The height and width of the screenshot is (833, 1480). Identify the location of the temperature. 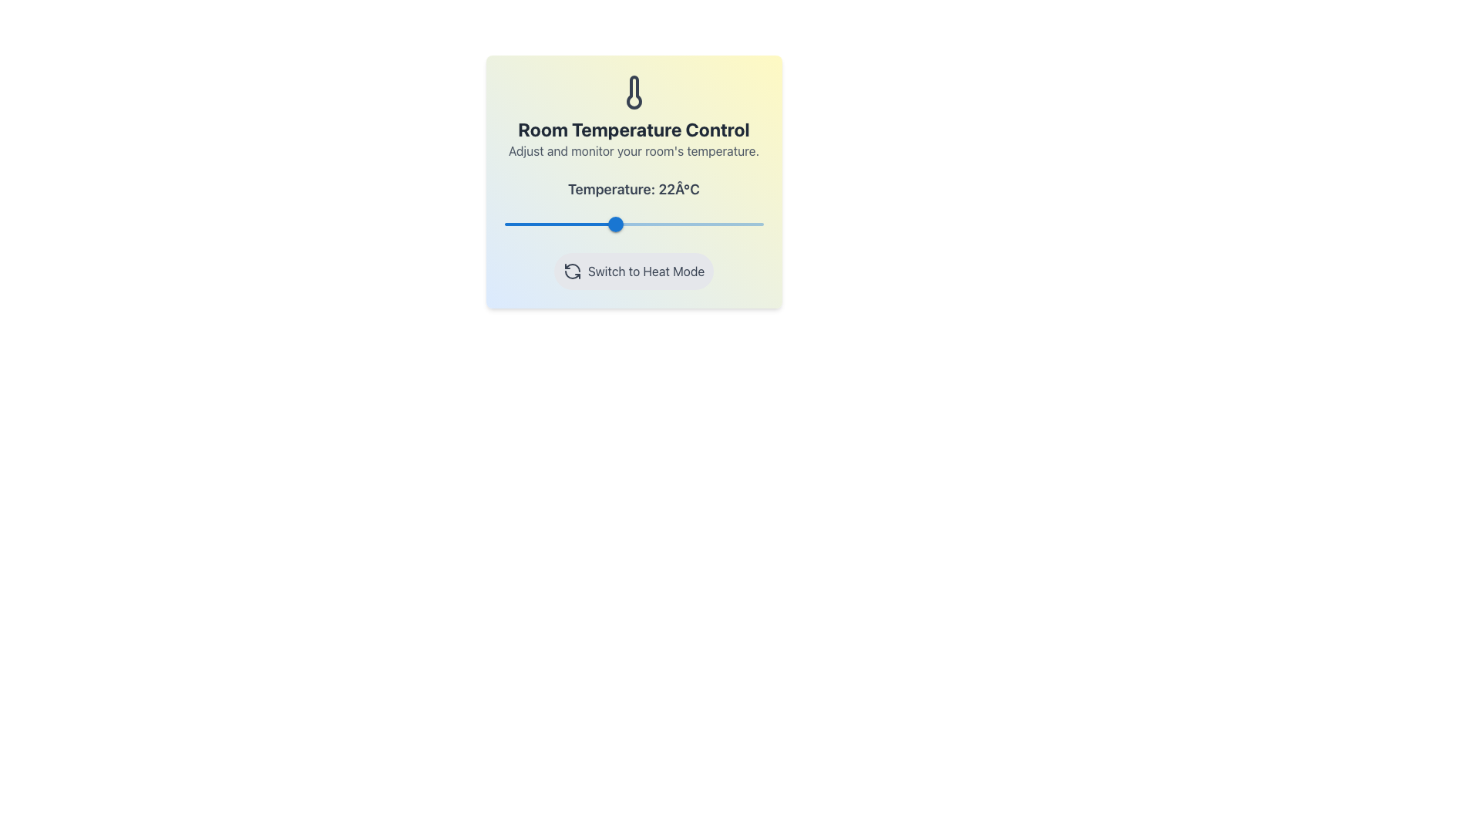
(724, 224).